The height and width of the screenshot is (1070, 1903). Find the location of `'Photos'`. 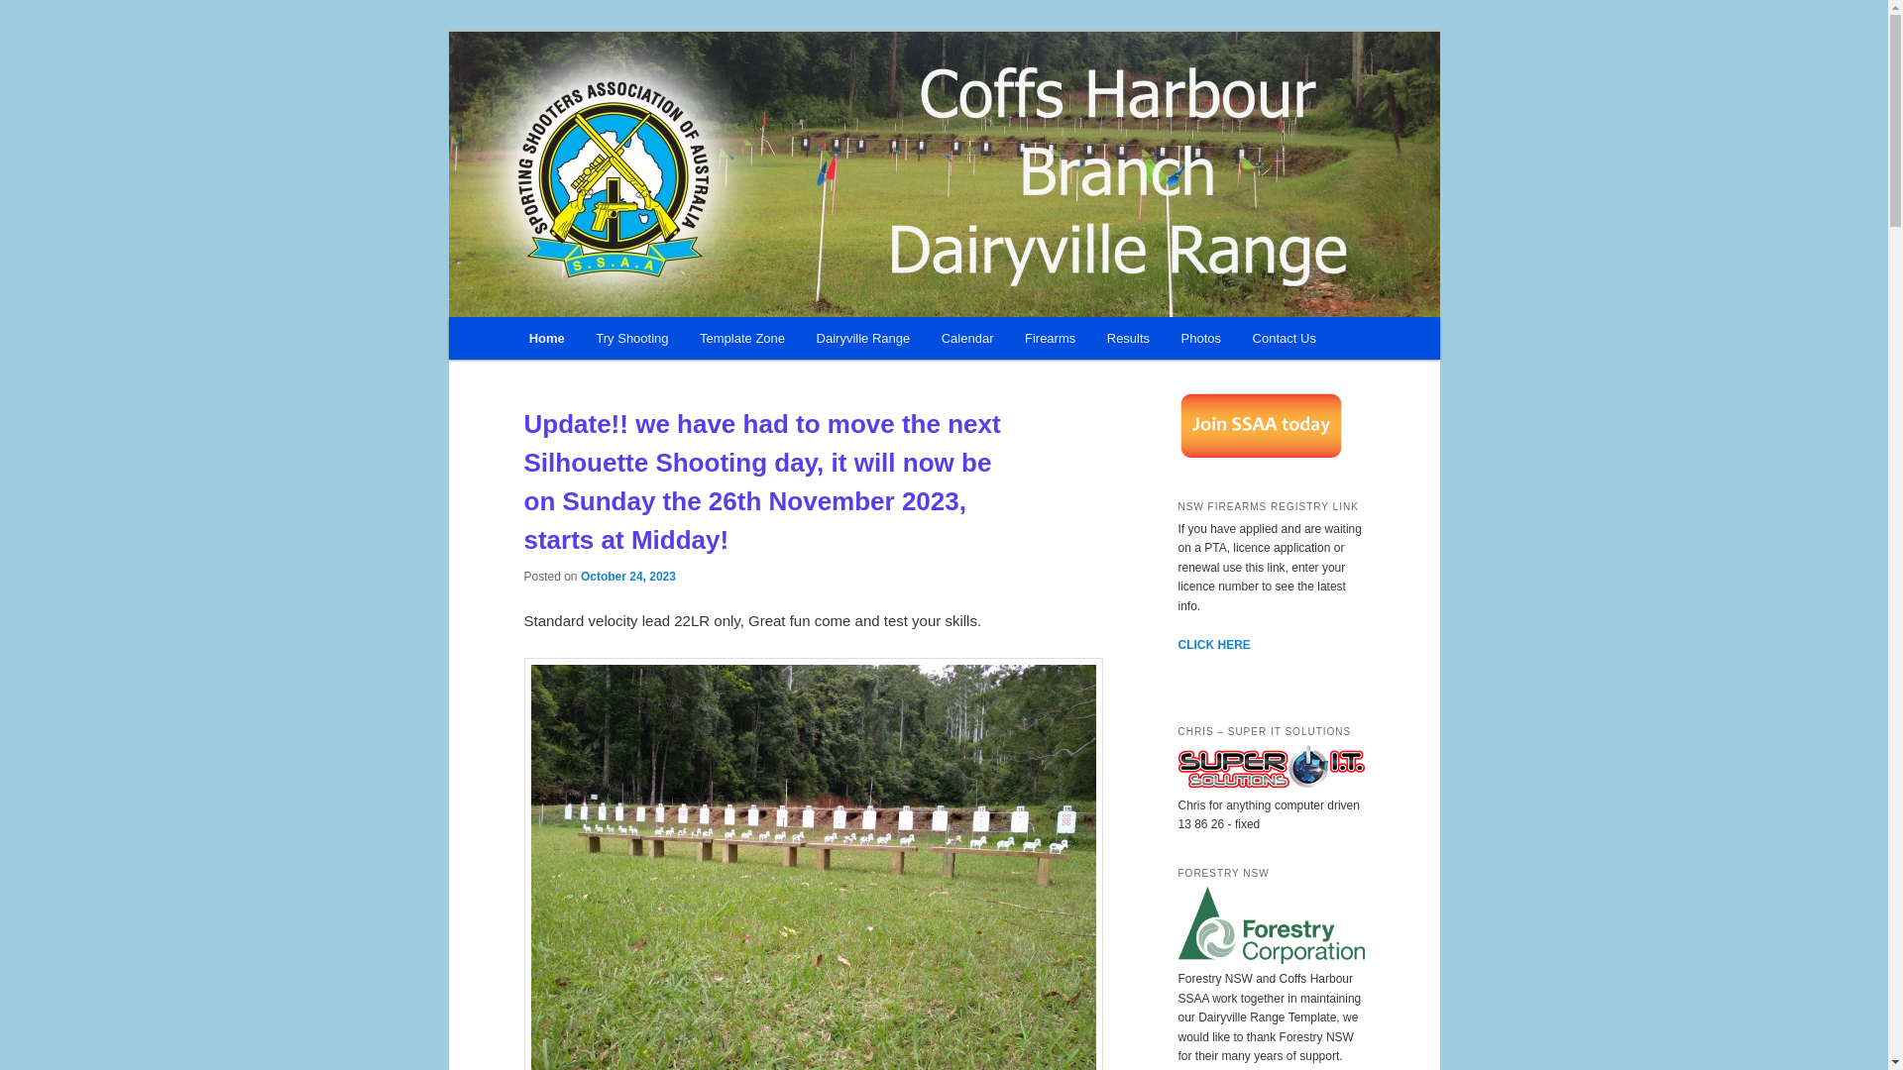

'Photos' is located at coordinates (1200, 337).